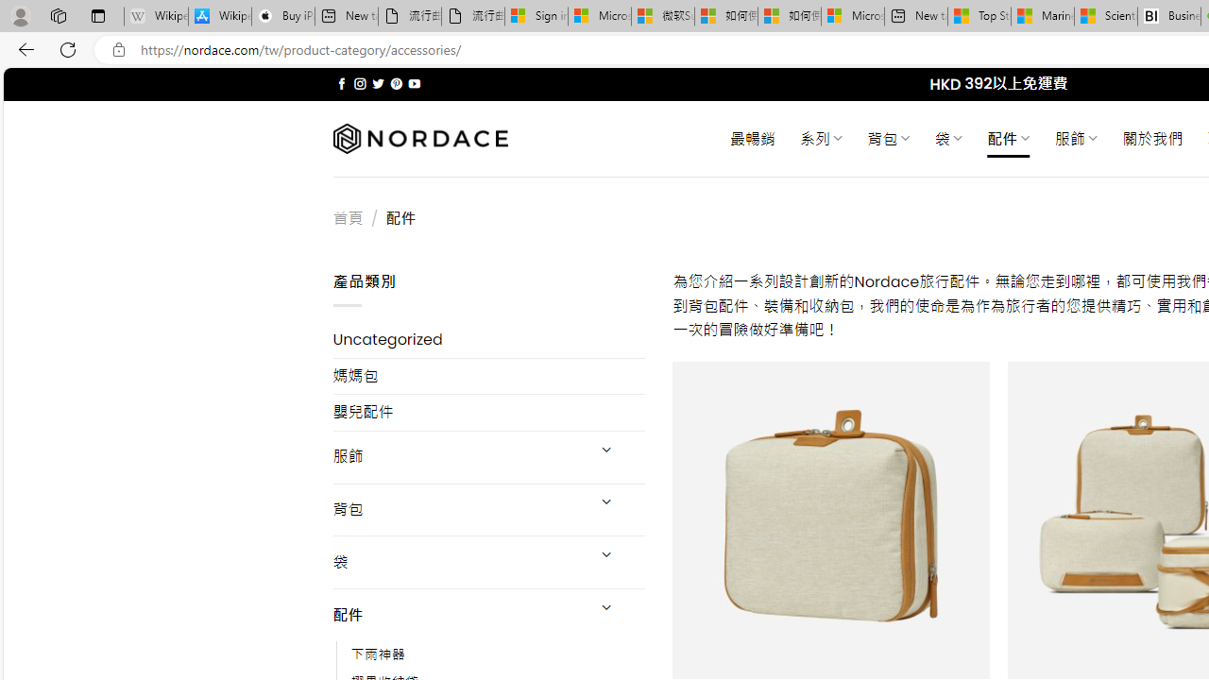 This screenshot has width=1209, height=680. I want to click on 'Microsoft Services Agreement', so click(598, 16).